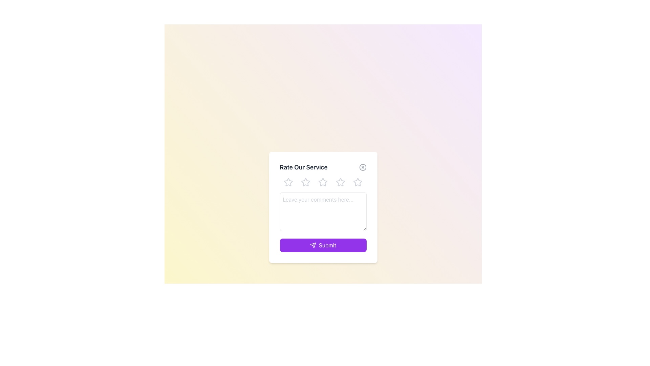 Image resolution: width=650 pixels, height=366 pixels. Describe the element at coordinates (340, 182) in the screenshot. I see `the fourth star-shaped icon in the rating interface` at that location.